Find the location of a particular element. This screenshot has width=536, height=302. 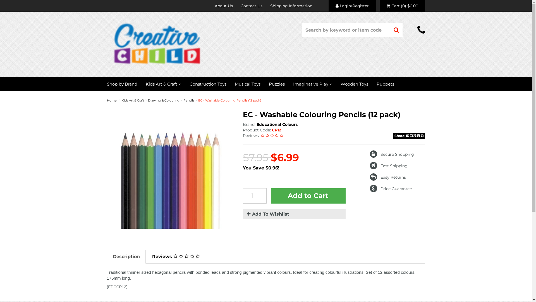

' Fast Shipping' is located at coordinates (388, 166).